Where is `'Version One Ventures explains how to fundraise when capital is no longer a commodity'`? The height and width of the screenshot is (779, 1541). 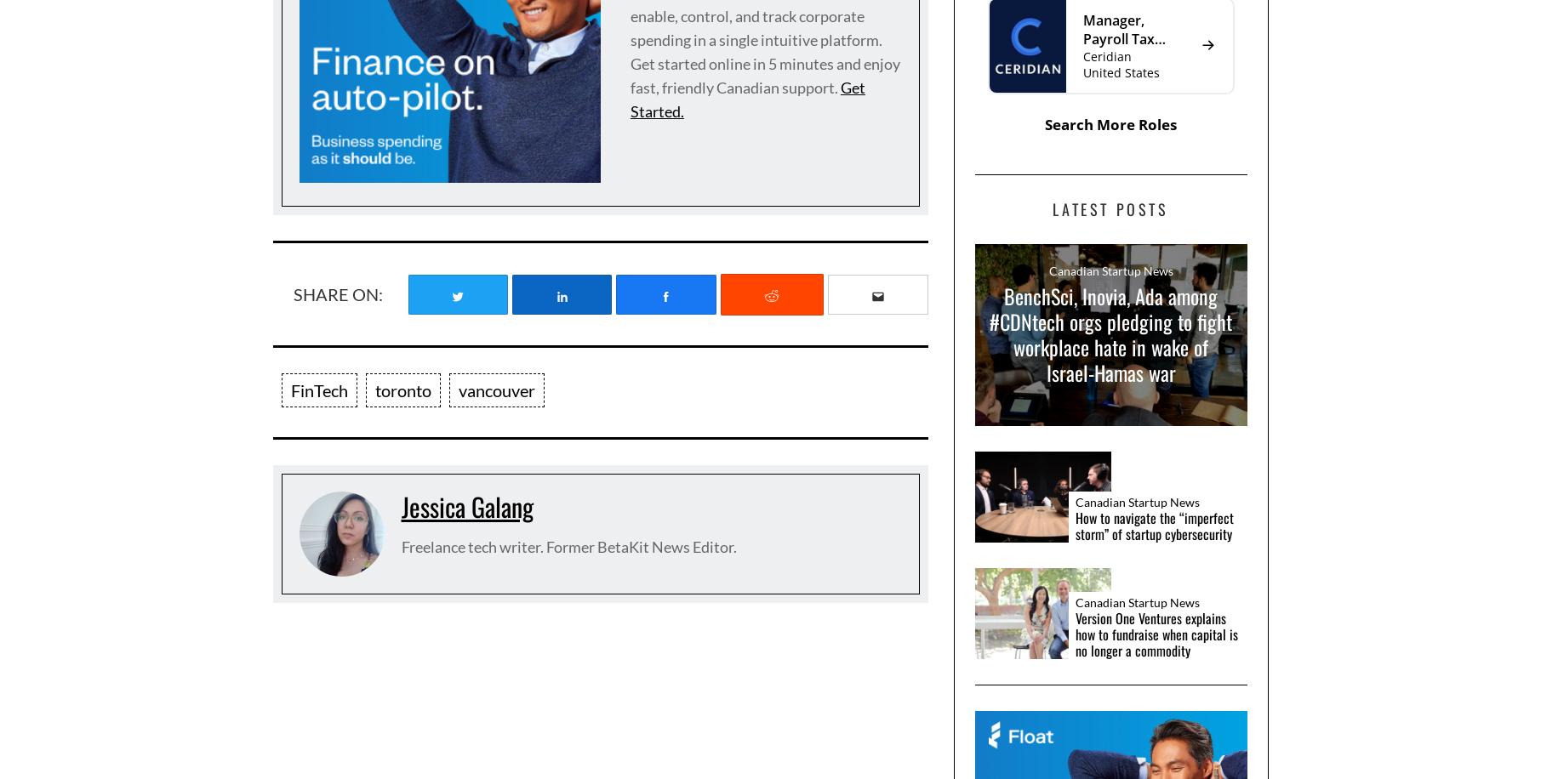
'Version One Ventures explains how to fundraise when capital is no longer a commodity' is located at coordinates (1155, 633).